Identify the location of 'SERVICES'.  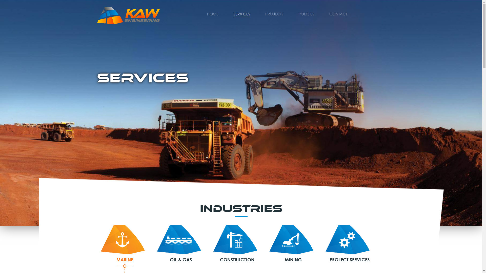
(241, 13).